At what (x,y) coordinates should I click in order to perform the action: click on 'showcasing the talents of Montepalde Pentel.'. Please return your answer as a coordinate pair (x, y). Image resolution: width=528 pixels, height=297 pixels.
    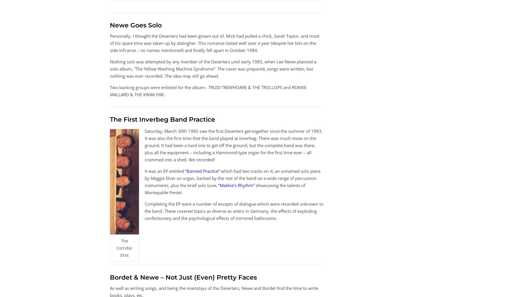
    Looking at the image, I should click on (225, 188).